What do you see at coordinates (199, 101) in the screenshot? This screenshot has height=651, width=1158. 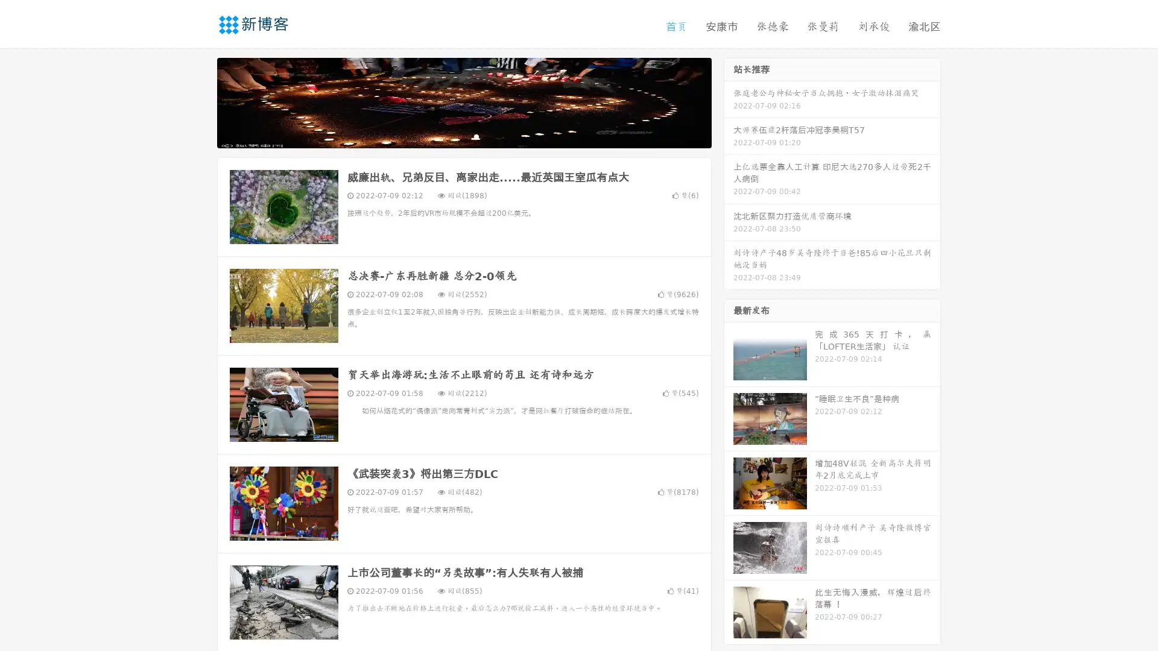 I see `Previous slide` at bounding box center [199, 101].